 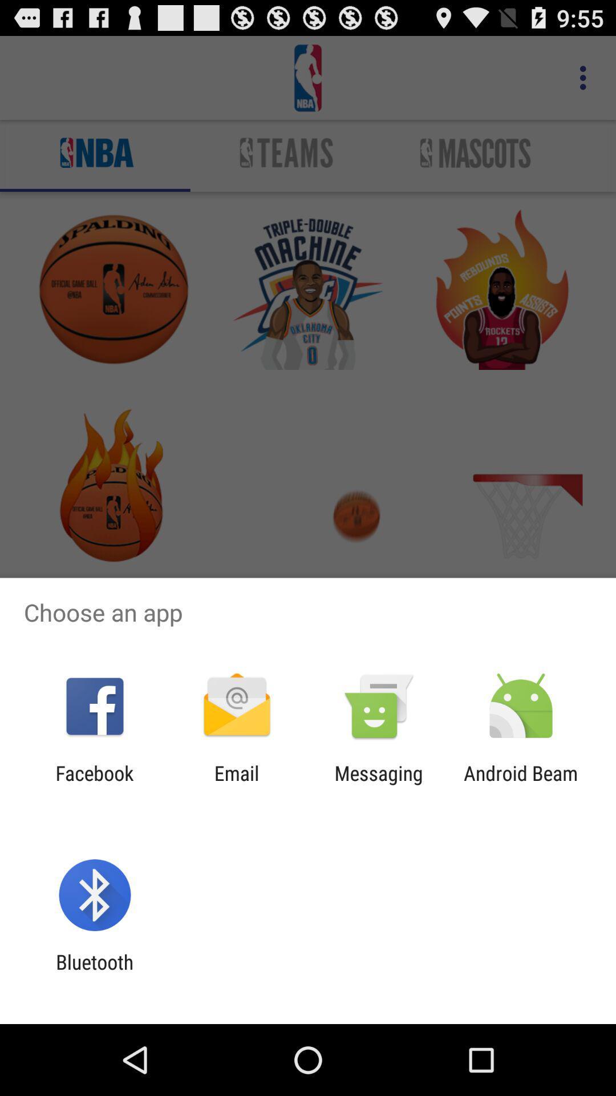 What do you see at coordinates (379, 784) in the screenshot?
I see `messaging app` at bounding box center [379, 784].